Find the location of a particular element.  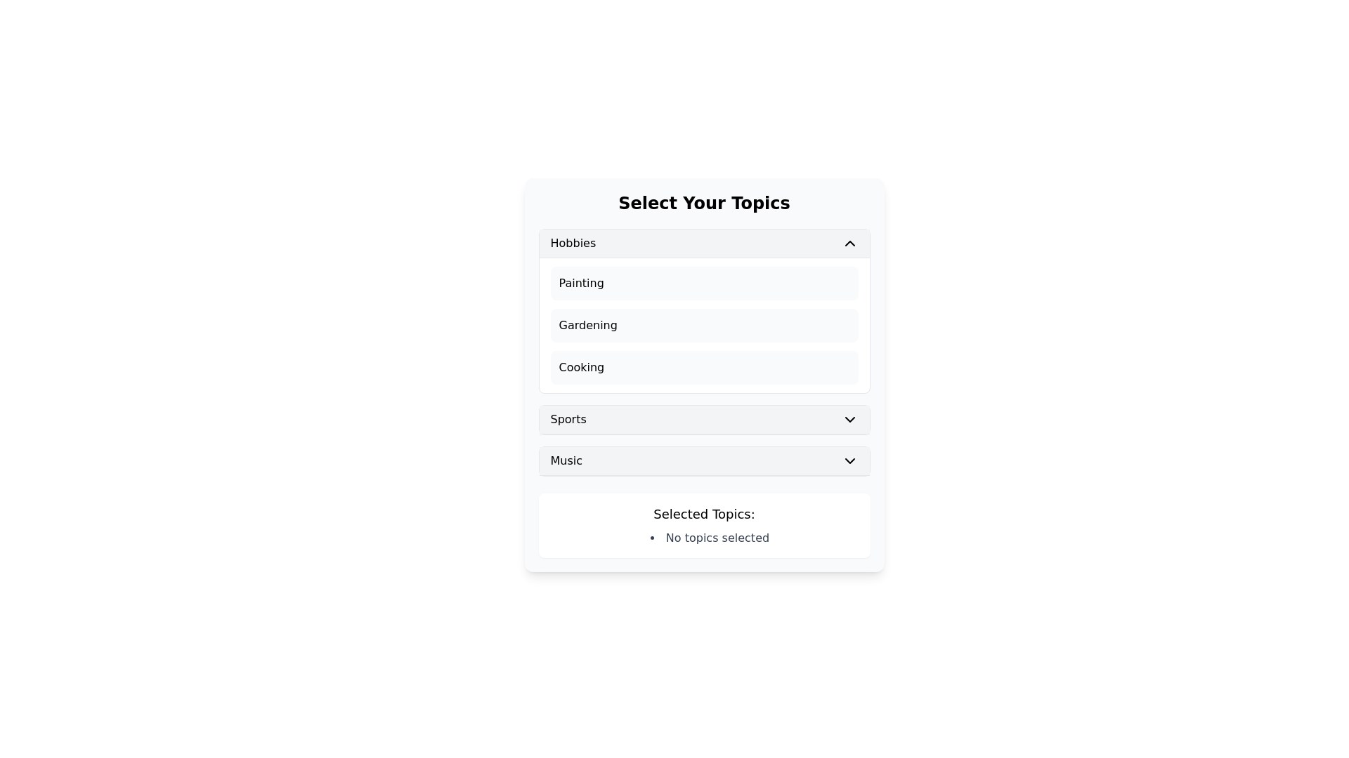

the downward-pointing chevron icon located at the rightmost end of the 'Music' section is located at coordinates (849, 460).